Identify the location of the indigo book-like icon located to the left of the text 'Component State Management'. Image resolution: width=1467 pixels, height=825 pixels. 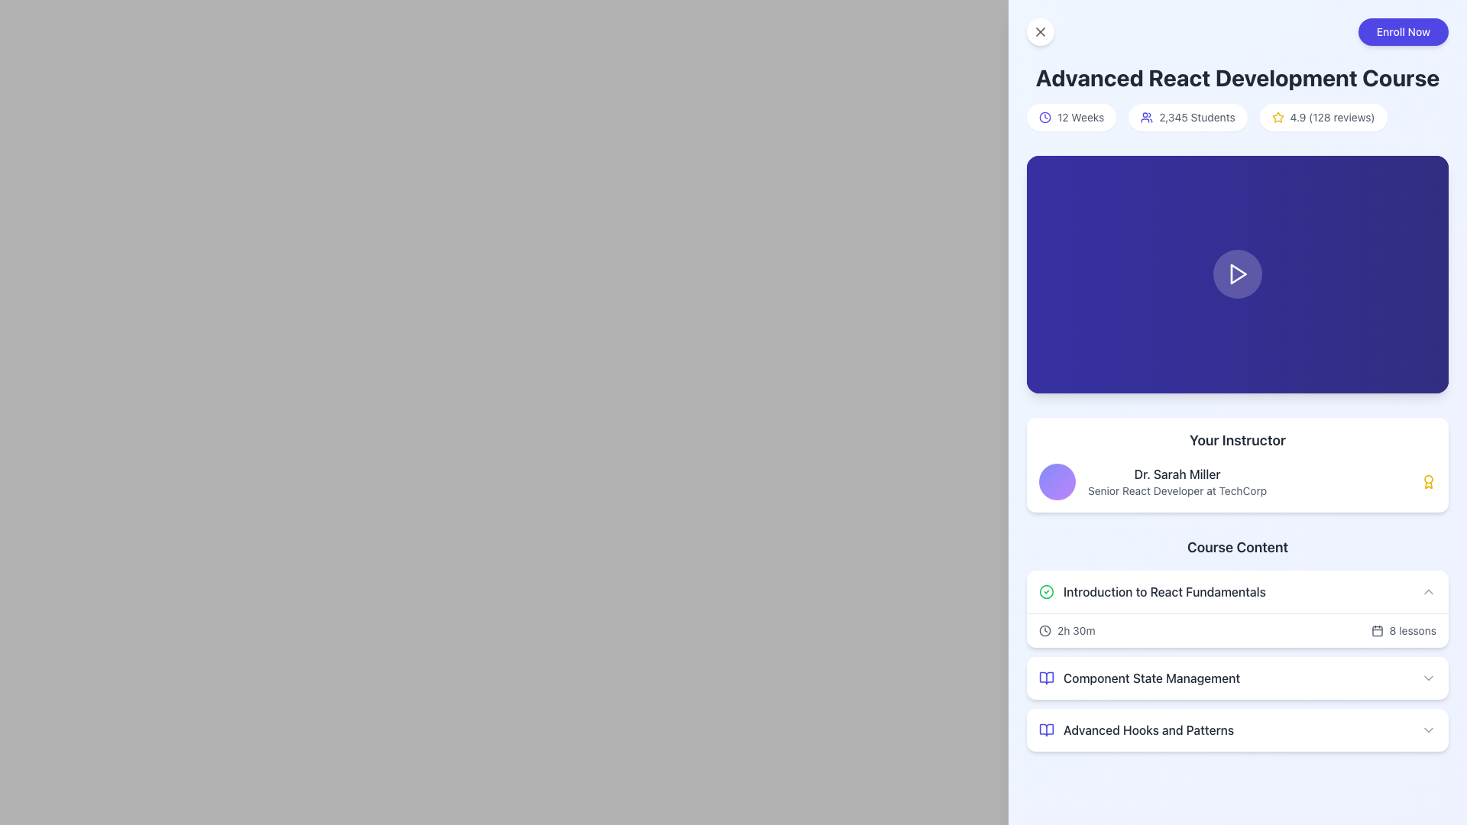
(1045, 677).